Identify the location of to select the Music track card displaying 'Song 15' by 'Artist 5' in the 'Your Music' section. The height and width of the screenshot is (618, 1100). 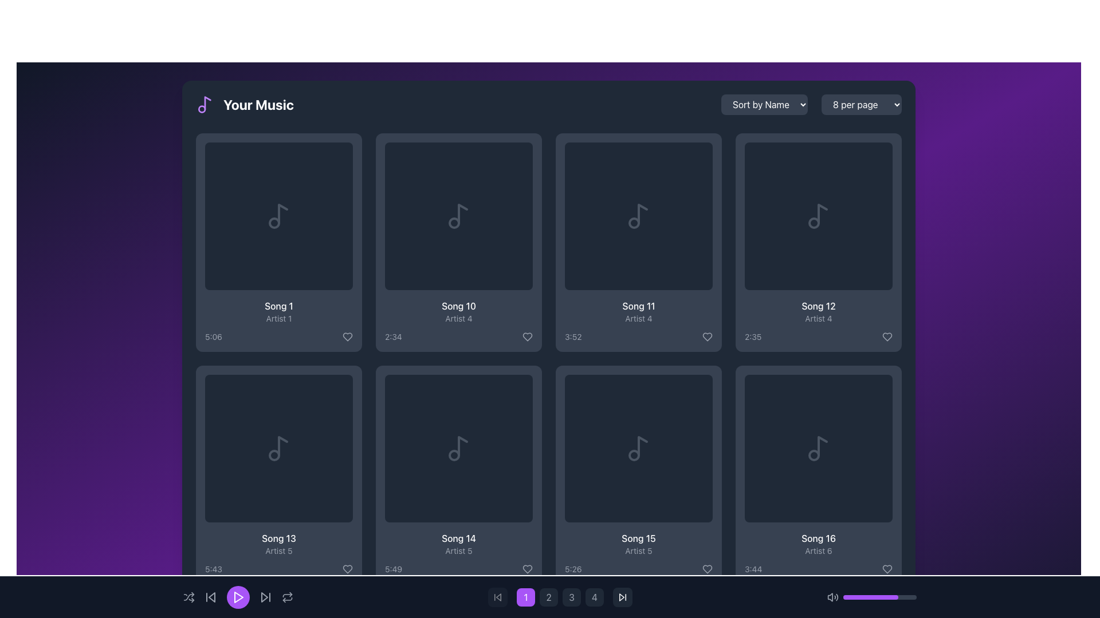
(638, 474).